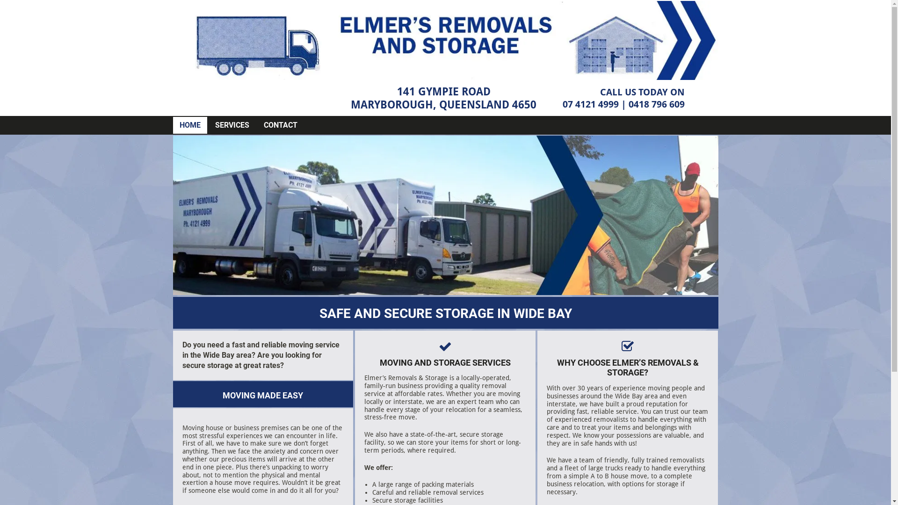 The height and width of the screenshot is (505, 898). Describe the element at coordinates (656, 104) in the screenshot. I see `'0418 796 609'` at that location.